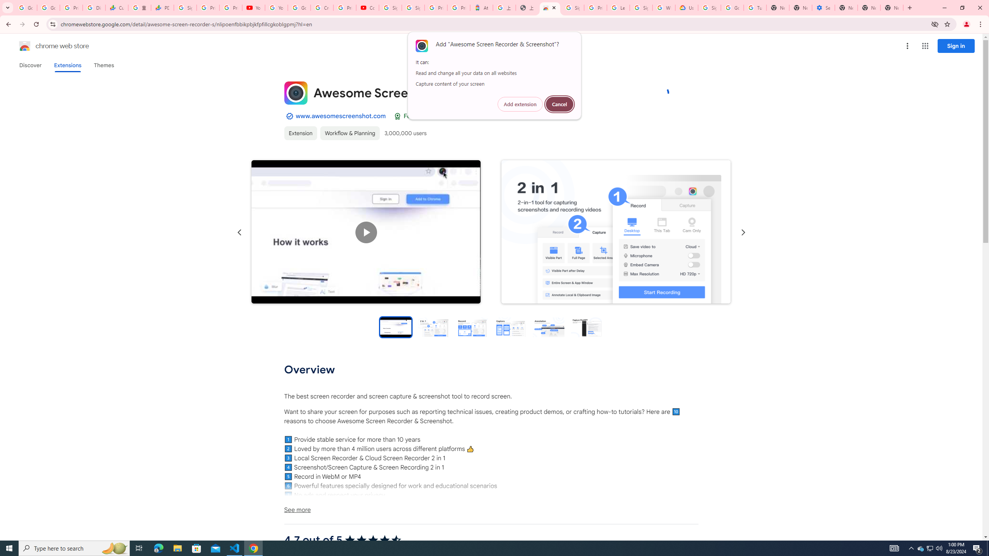 The width and height of the screenshot is (989, 556). What do you see at coordinates (641, 7) in the screenshot?
I see `'Sign in - Google Accounts'` at bounding box center [641, 7].